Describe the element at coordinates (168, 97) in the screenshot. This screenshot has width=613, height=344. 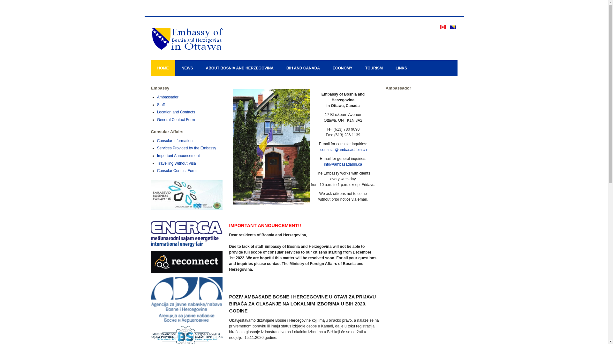
I see `'Ambassador'` at that location.